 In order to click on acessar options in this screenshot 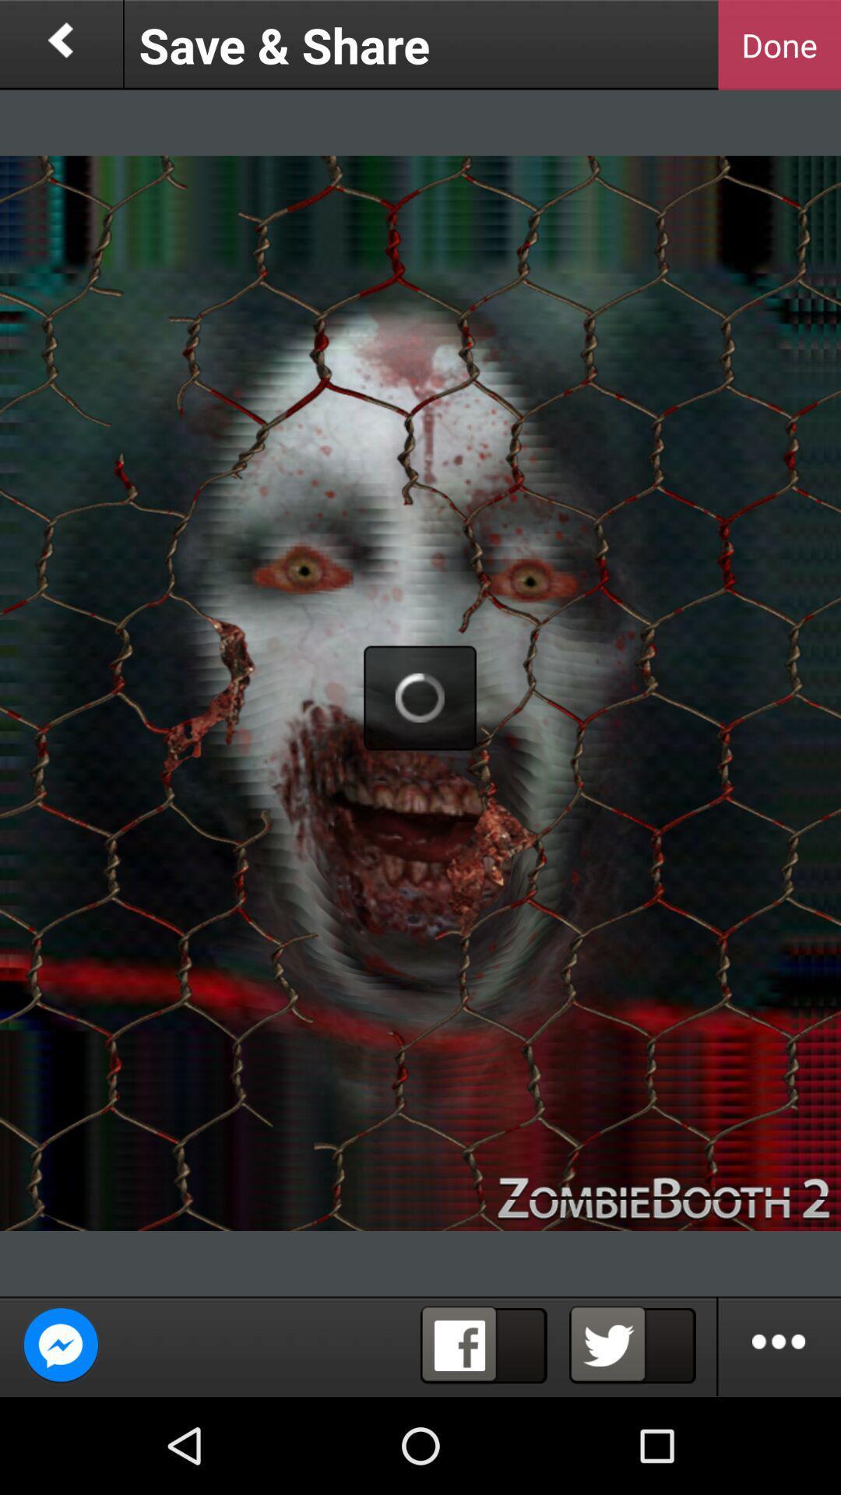, I will do `click(779, 1345)`.